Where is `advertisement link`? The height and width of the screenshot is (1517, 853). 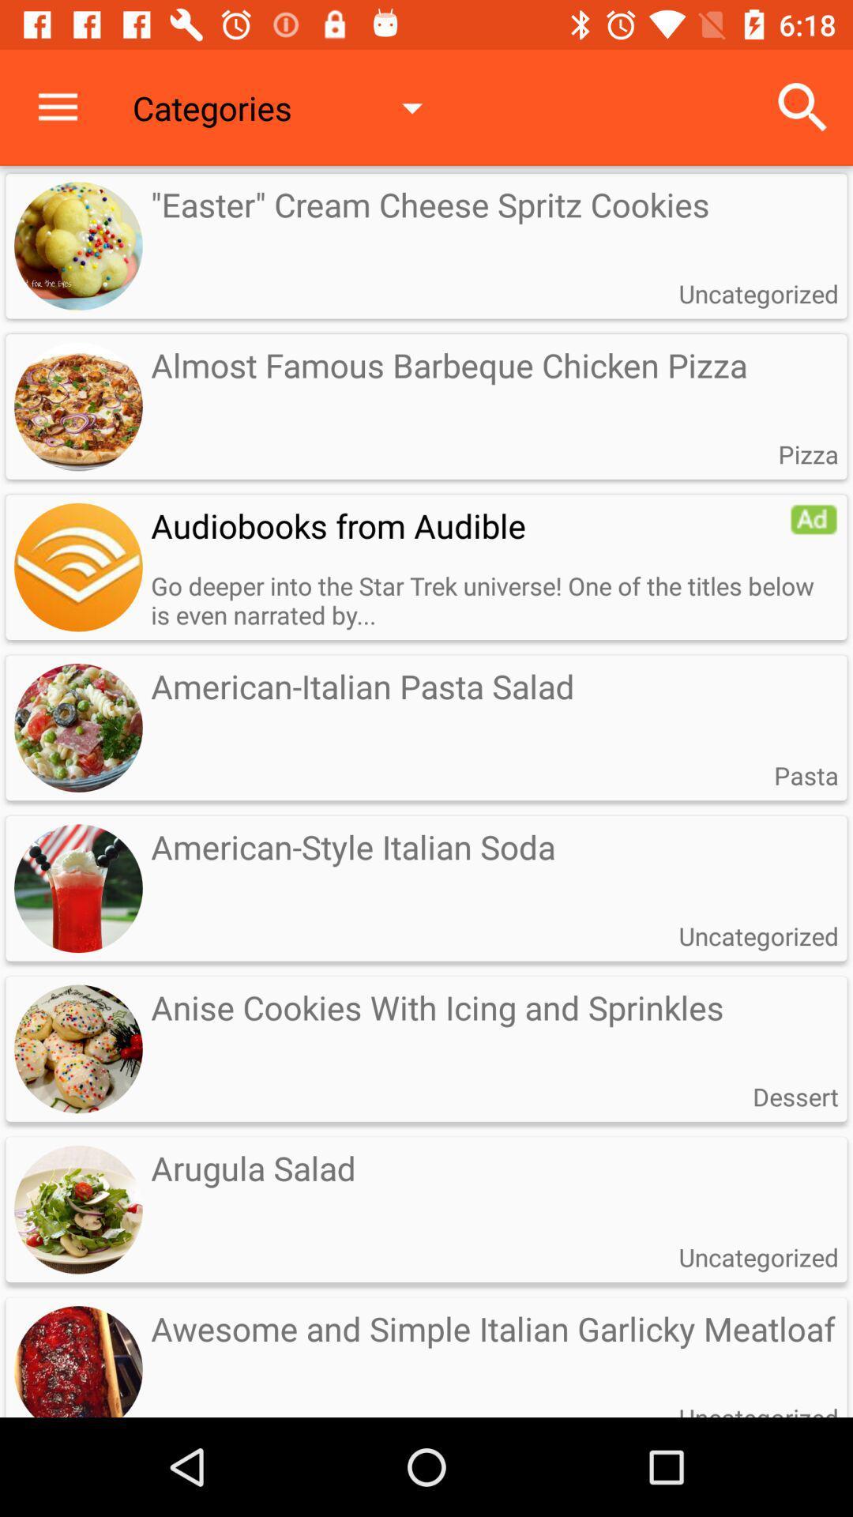
advertisement link is located at coordinates (78, 567).